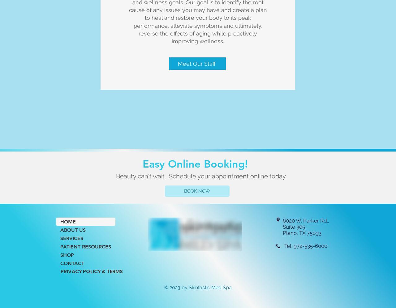 The width and height of the screenshot is (396, 308). What do you see at coordinates (196, 63) in the screenshot?
I see `'Meet Our Staff'` at bounding box center [196, 63].